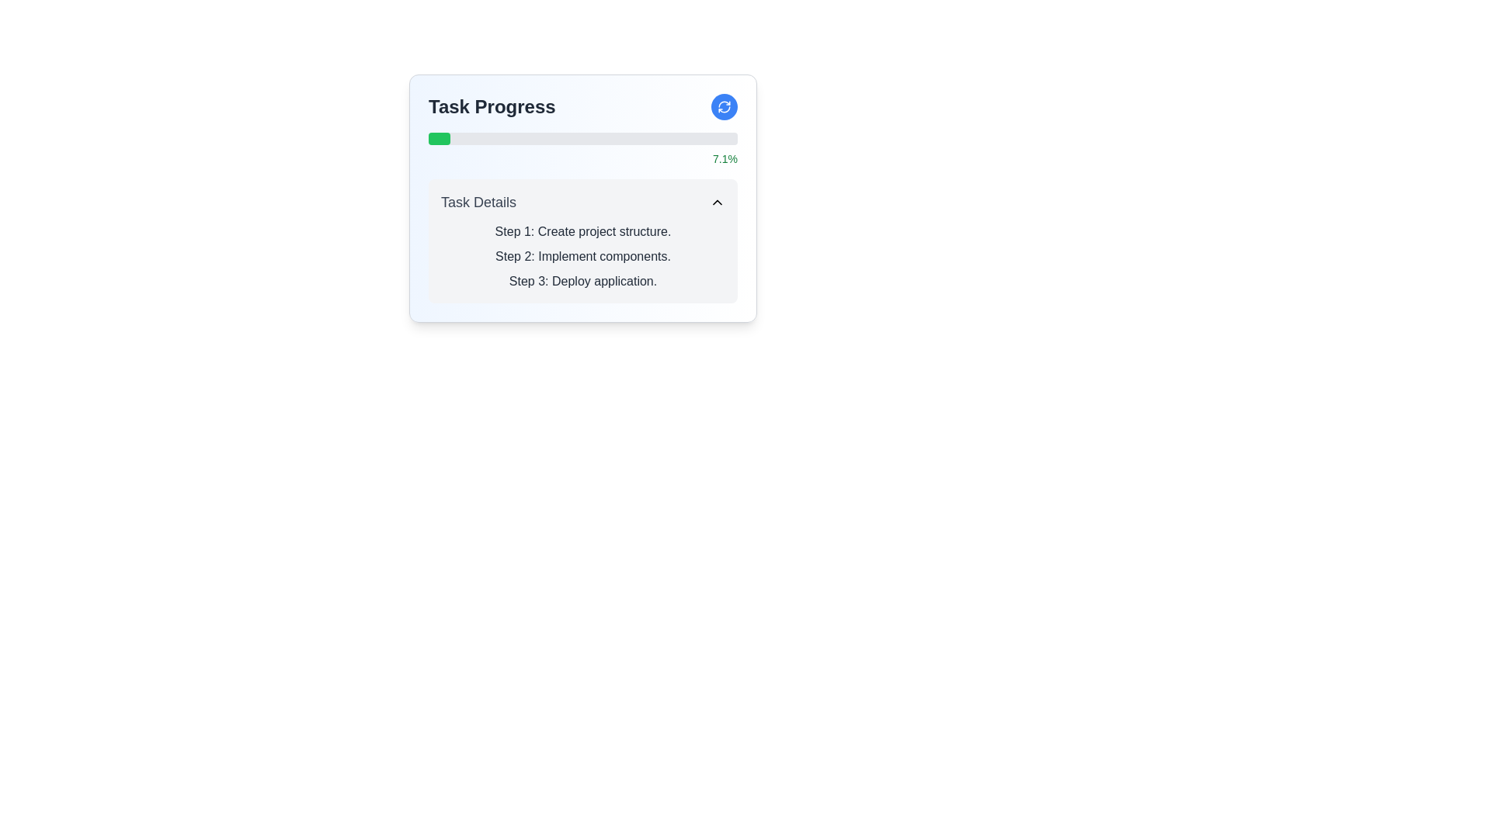 This screenshot has height=838, width=1491. I want to click on the text label reading 'Step 3: Deploy application.' which is the third item in the vertical list beneath the 'Task Details' heading, so click(582, 281).